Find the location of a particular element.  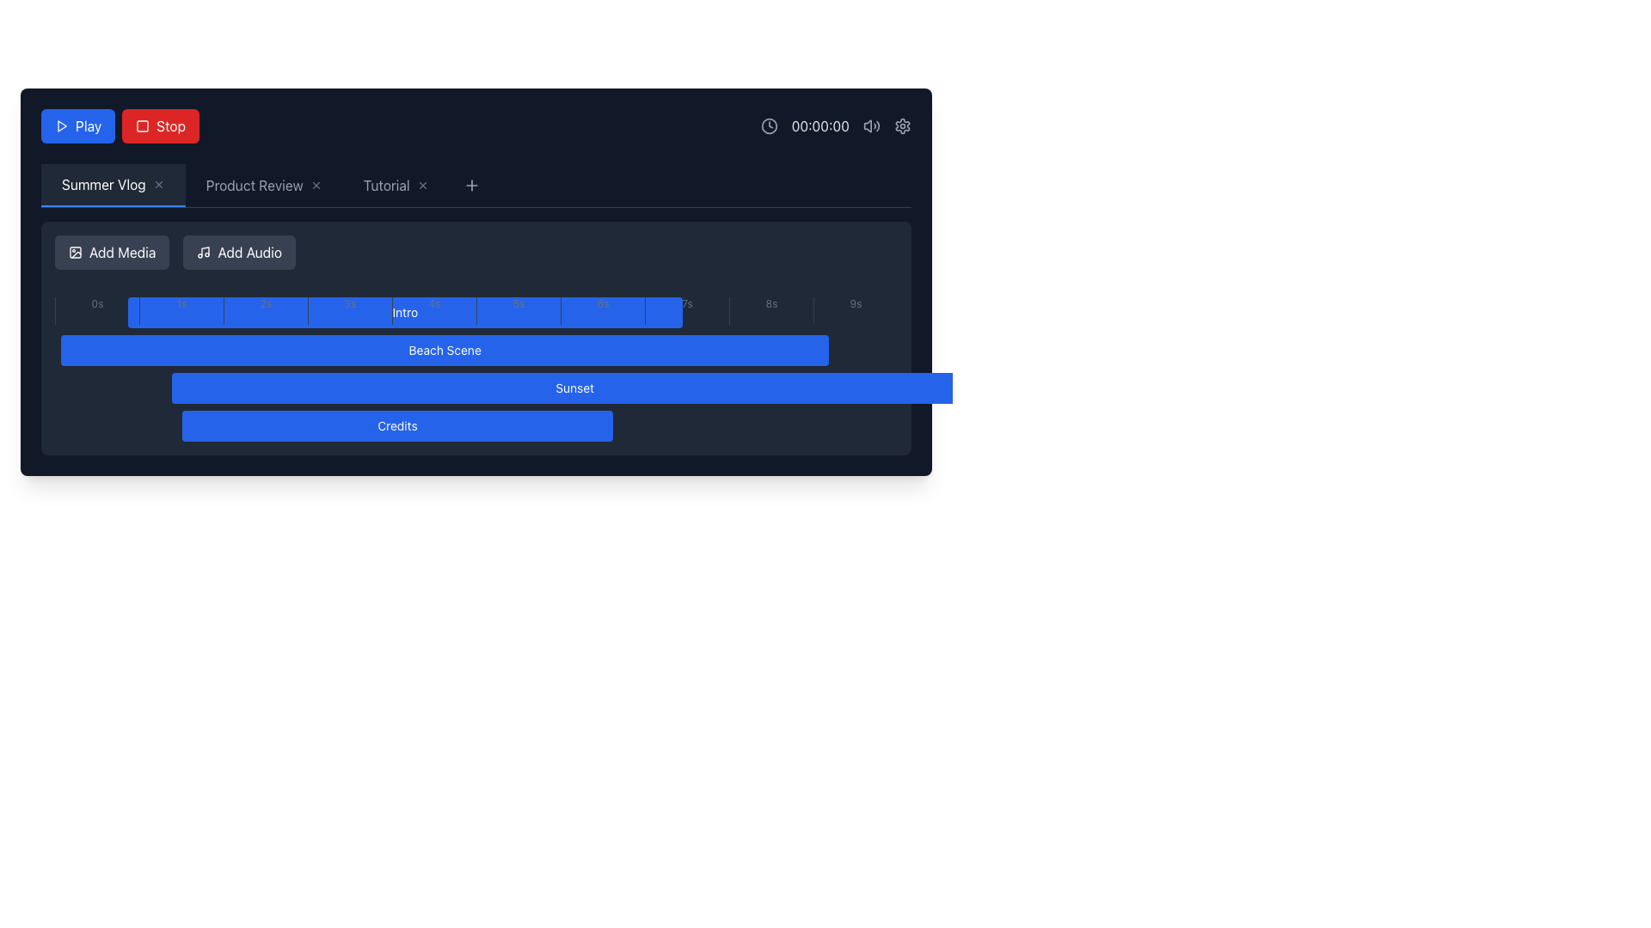

the 'Tutorial' tab label is located at coordinates (385, 186).